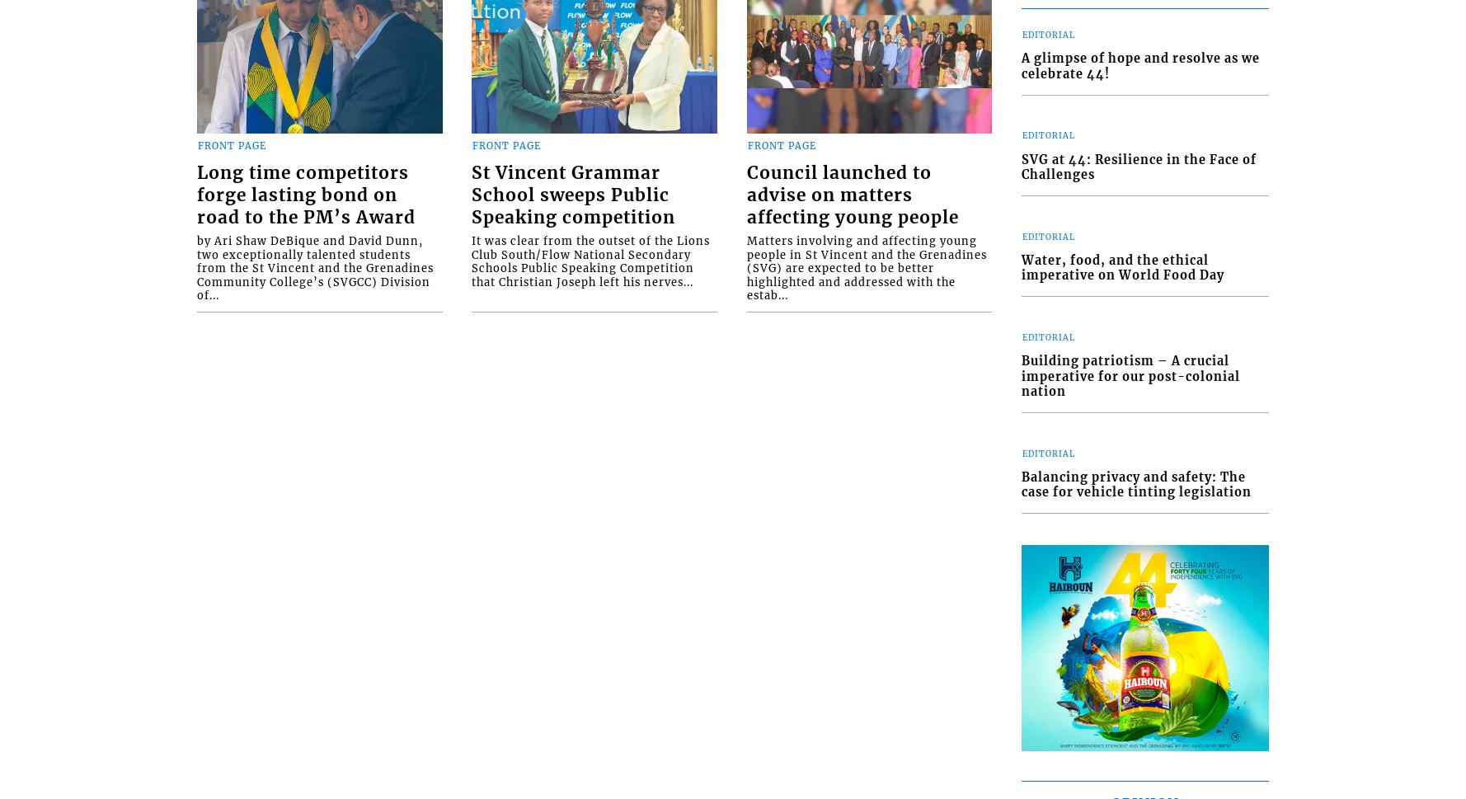 The image size is (1466, 799). Describe the element at coordinates (1138, 167) in the screenshot. I see `'SVG at 44: Resilience in  the Face of Challenges'` at that location.